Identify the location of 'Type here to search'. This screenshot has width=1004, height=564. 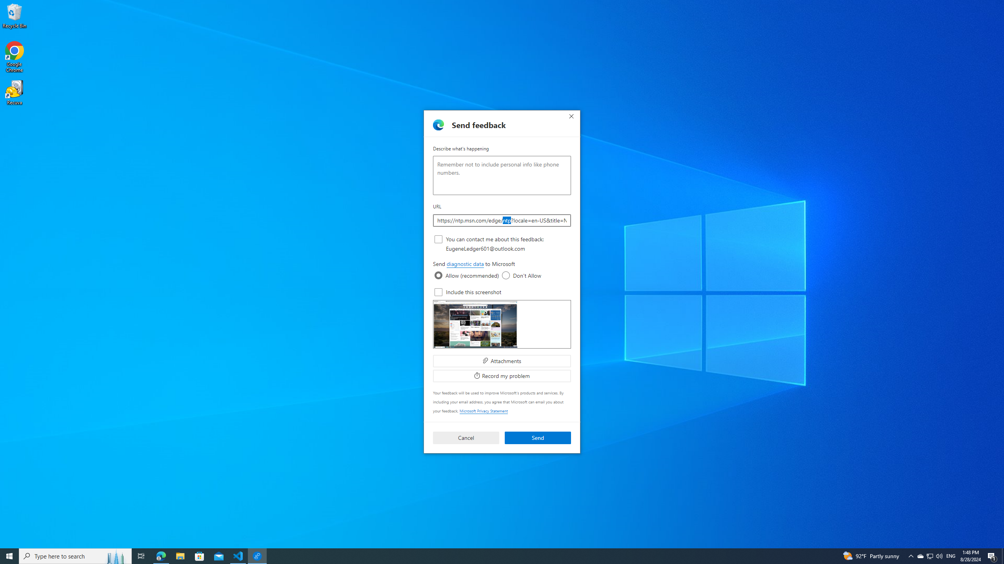
(75, 555).